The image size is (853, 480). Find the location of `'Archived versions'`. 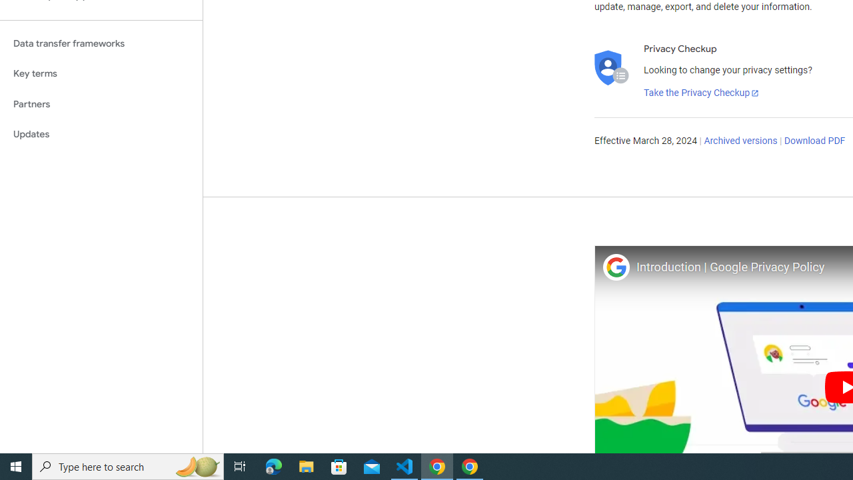

'Archived versions' is located at coordinates (740, 141).